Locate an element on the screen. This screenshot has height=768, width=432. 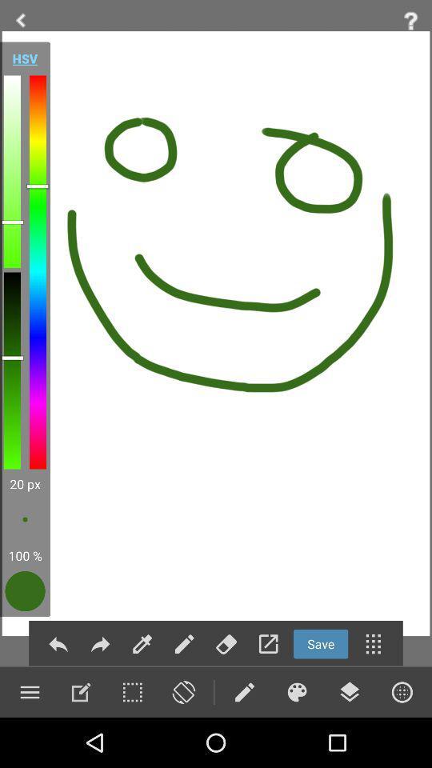
additional options menu is located at coordinates (373, 644).